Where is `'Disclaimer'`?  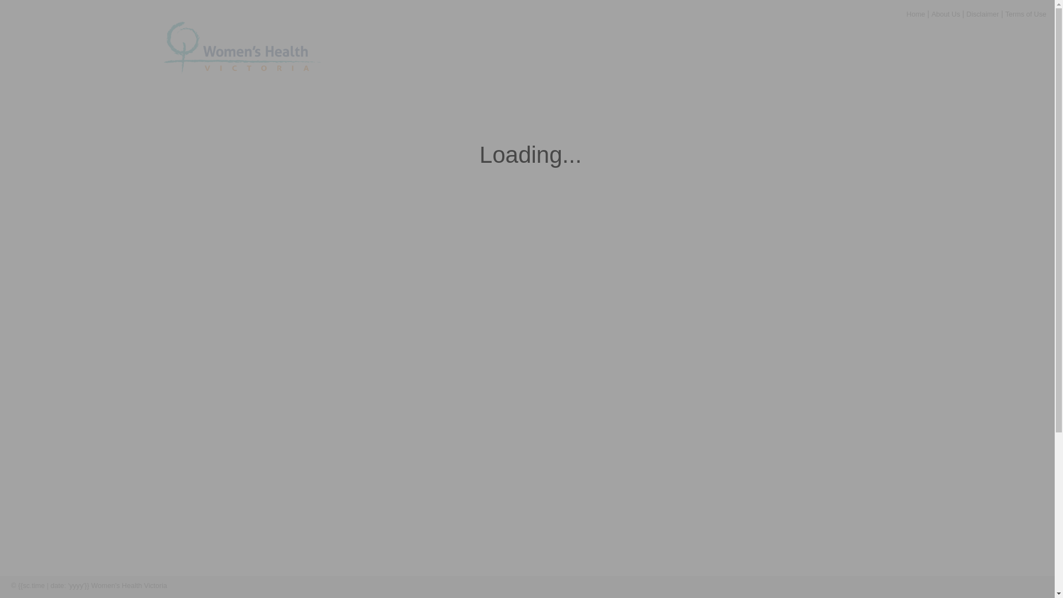 'Disclaimer' is located at coordinates (966, 14).